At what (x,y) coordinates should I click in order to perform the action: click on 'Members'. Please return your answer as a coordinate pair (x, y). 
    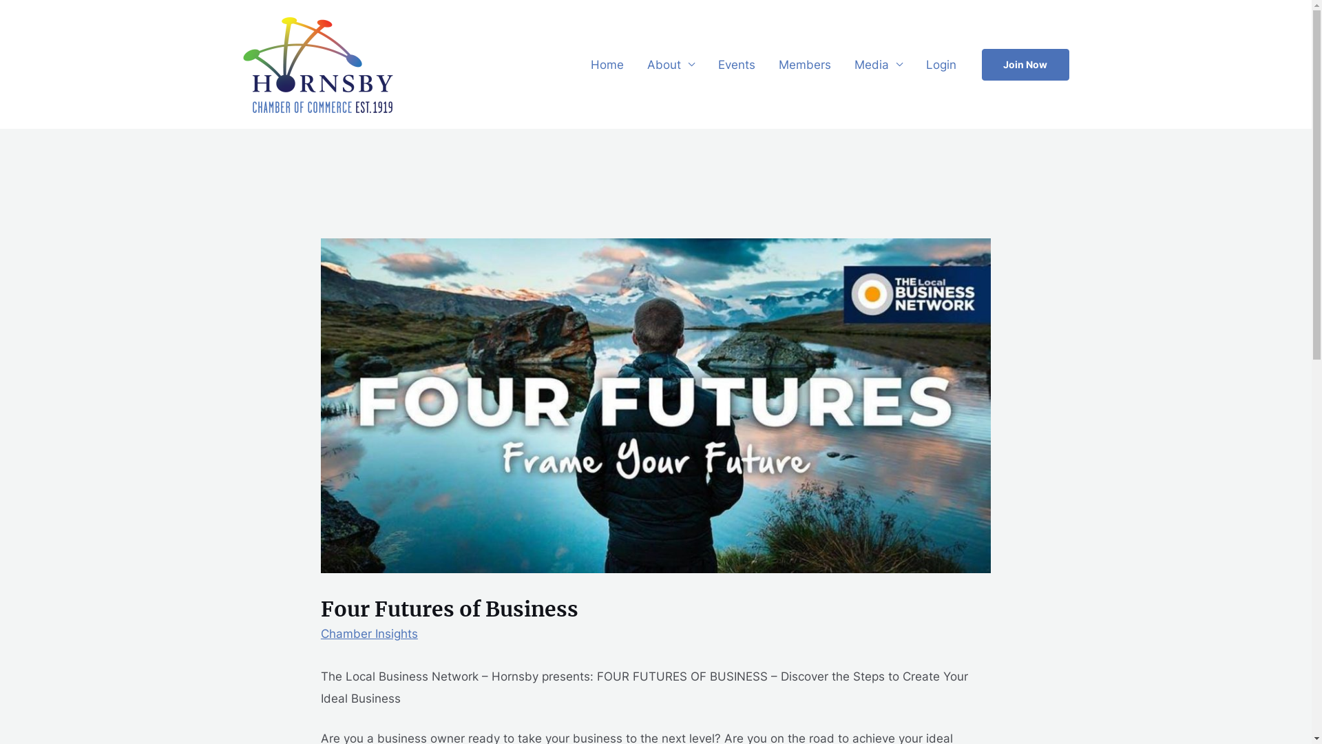
    Looking at the image, I should click on (805, 63).